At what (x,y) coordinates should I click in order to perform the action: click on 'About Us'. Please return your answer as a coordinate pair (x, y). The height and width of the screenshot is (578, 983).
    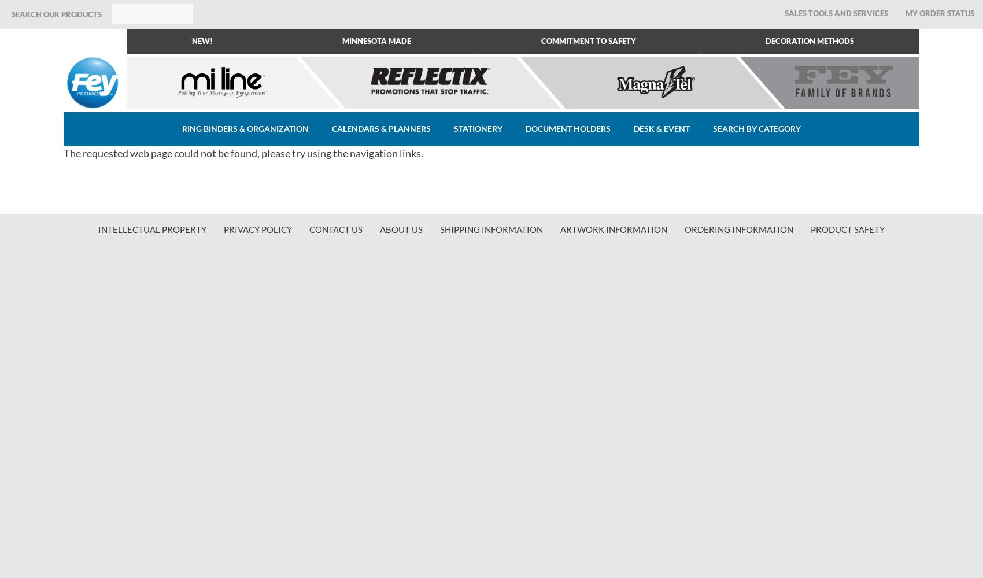
    Looking at the image, I should click on (401, 229).